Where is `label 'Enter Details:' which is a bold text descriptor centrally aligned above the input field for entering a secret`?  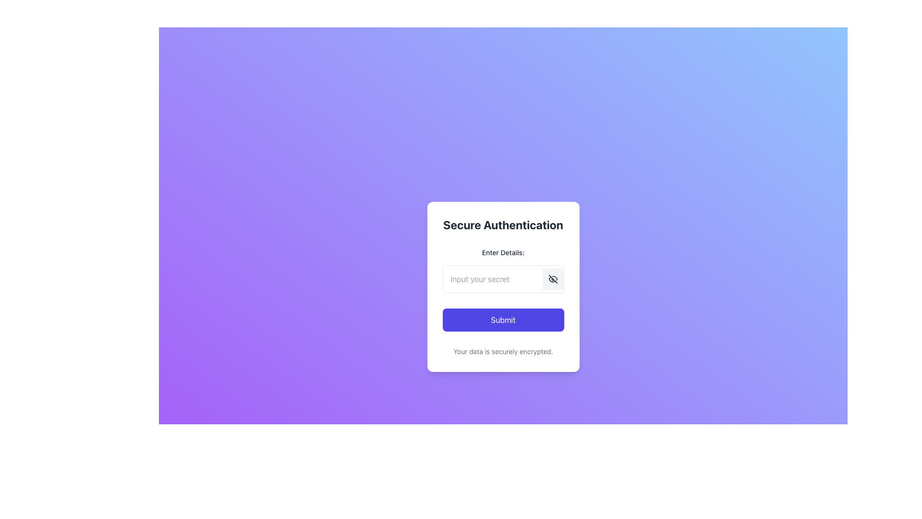 label 'Enter Details:' which is a bold text descriptor centrally aligned above the input field for entering a secret is located at coordinates (502, 252).